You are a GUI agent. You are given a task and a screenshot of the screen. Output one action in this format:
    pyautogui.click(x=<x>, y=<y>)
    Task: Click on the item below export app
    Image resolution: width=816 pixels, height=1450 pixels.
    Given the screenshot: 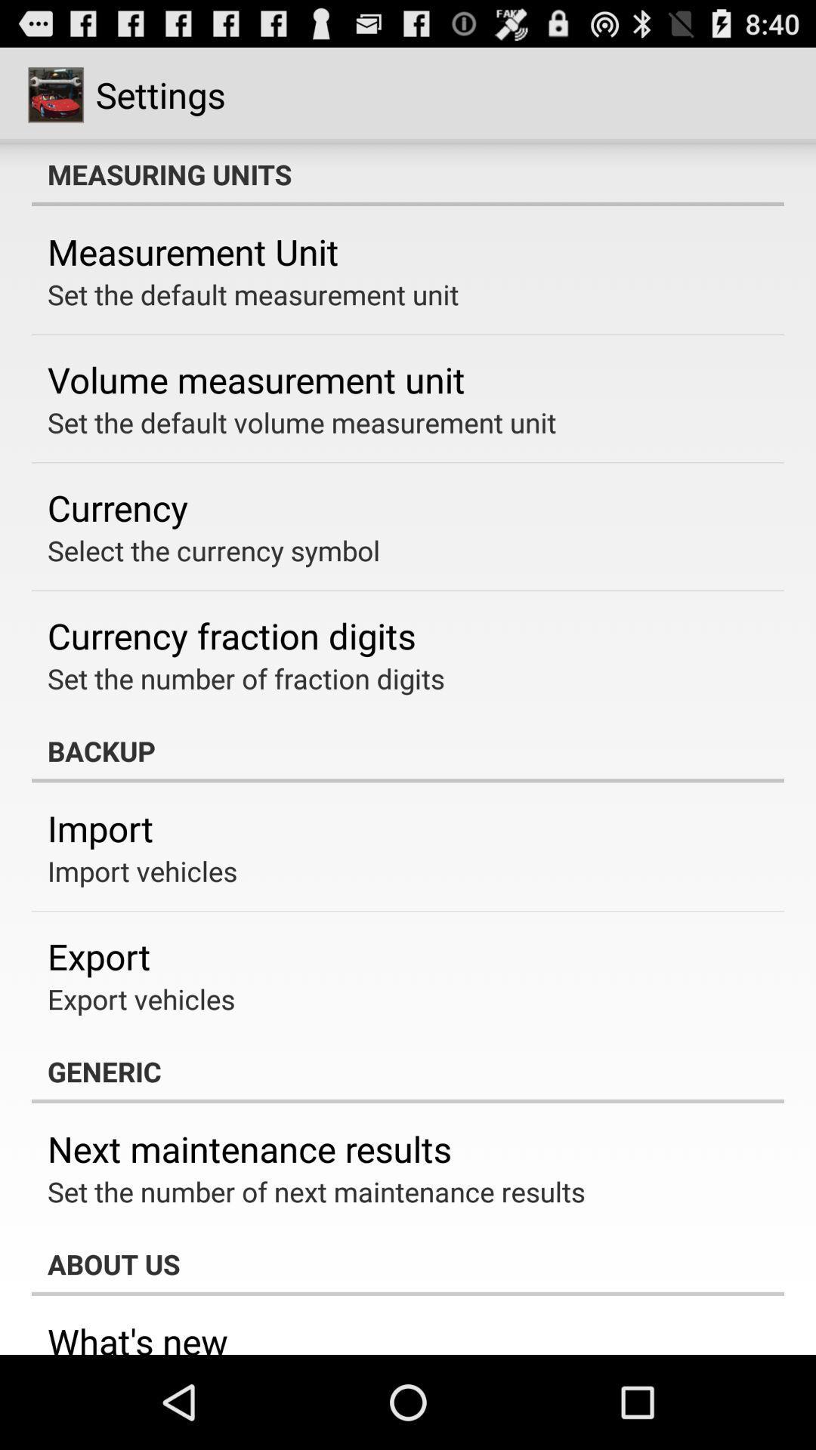 What is the action you would take?
    pyautogui.click(x=141, y=999)
    